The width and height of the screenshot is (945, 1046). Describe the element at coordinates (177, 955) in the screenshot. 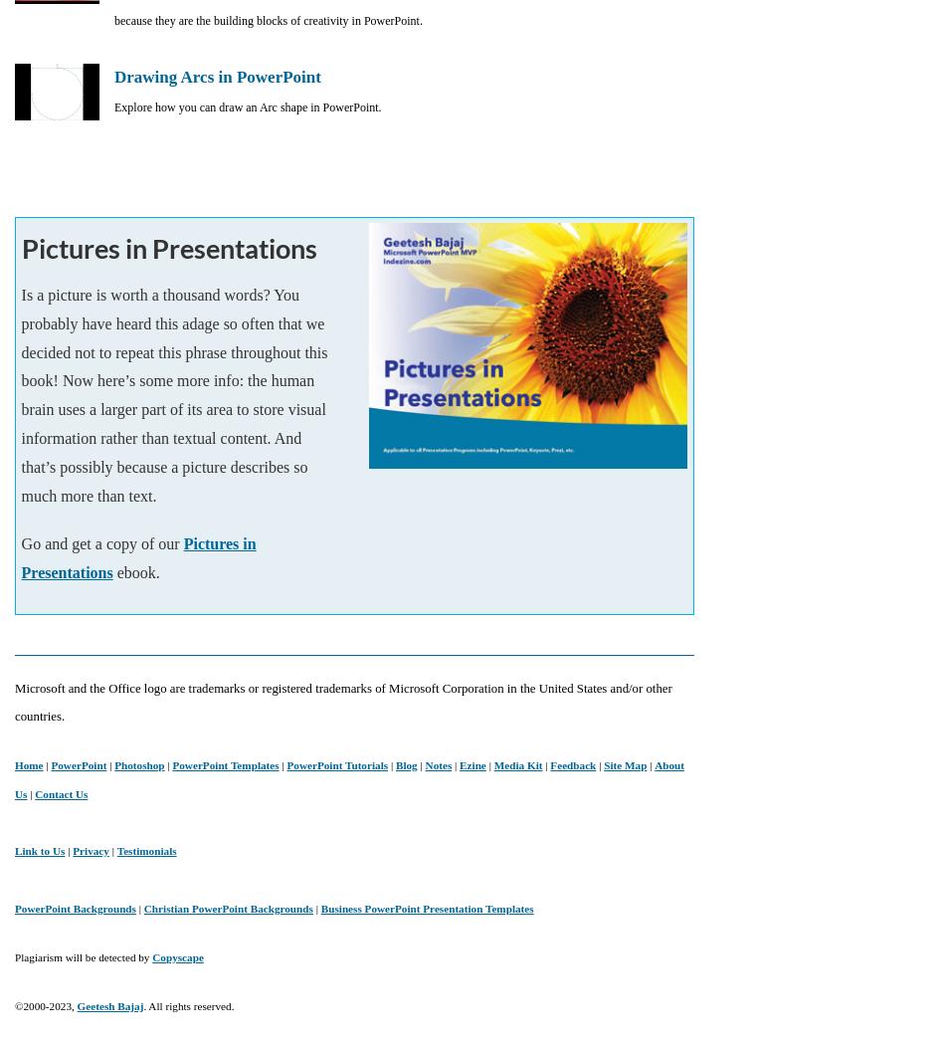

I see `'Copyscape'` at that location.